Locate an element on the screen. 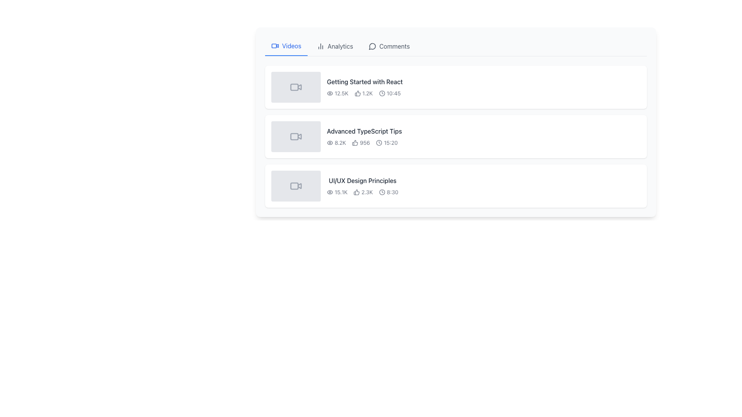 The image size is (742, 417). the text label that says 'Getting Started with React', which is styled with a medium-weight font and dark gray color, located at the top of the subsection in the list of video details is located at coordinates (364, 82).